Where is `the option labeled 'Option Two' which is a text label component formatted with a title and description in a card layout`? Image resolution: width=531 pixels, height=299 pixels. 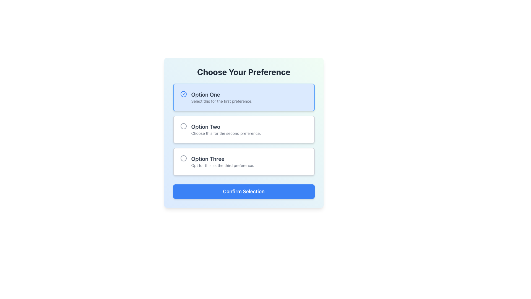
the option labeled 'Option Two' which is a text label component formatted with a title and description in a card layout is located at coordinates (226, 129).